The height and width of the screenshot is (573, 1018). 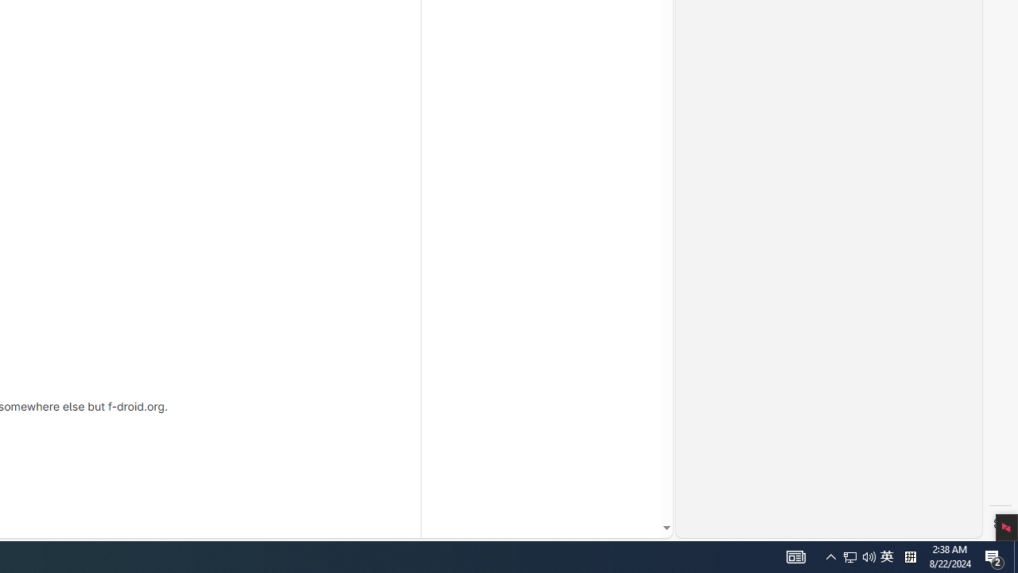 What do you see at coordinates (849, 555) in the screenshot?
I see `'User Promoted Notification Area'` at bounding box center [849, 555].